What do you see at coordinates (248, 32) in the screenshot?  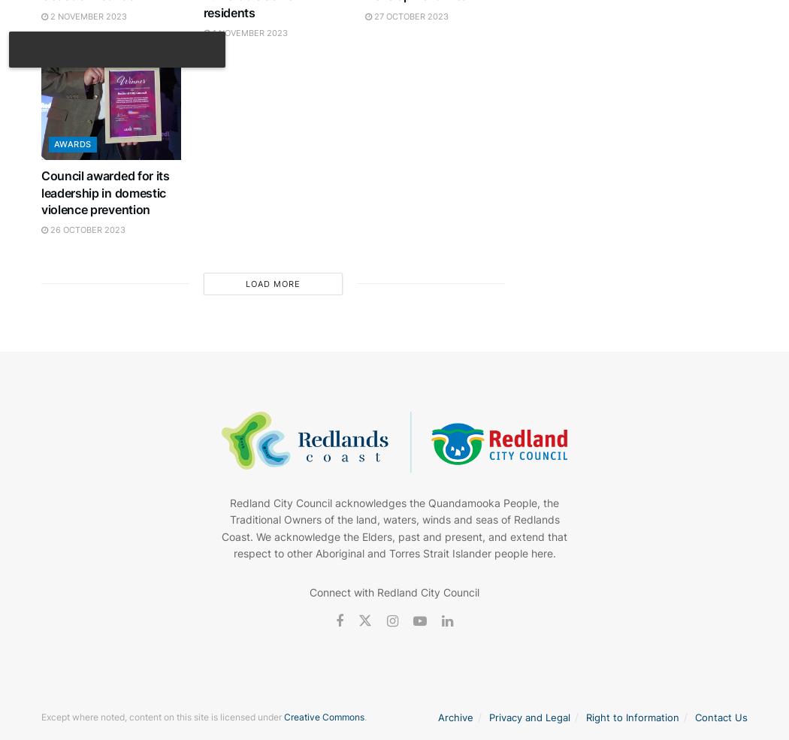 I see `'1 November 2023'` at bounding box center [248, 32].